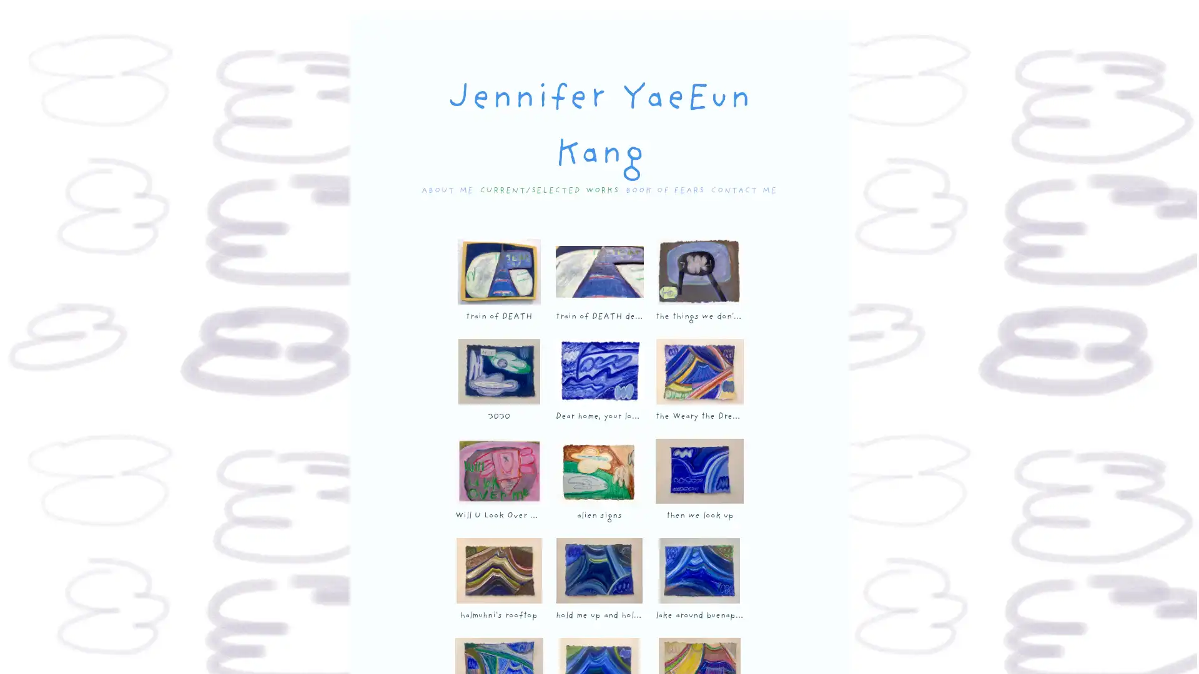 This screenshot has height=674, width=1199. Describe the element at coordinates (498, 271) in the screenshot. I see `View fullsize train of DEATH` at that location.